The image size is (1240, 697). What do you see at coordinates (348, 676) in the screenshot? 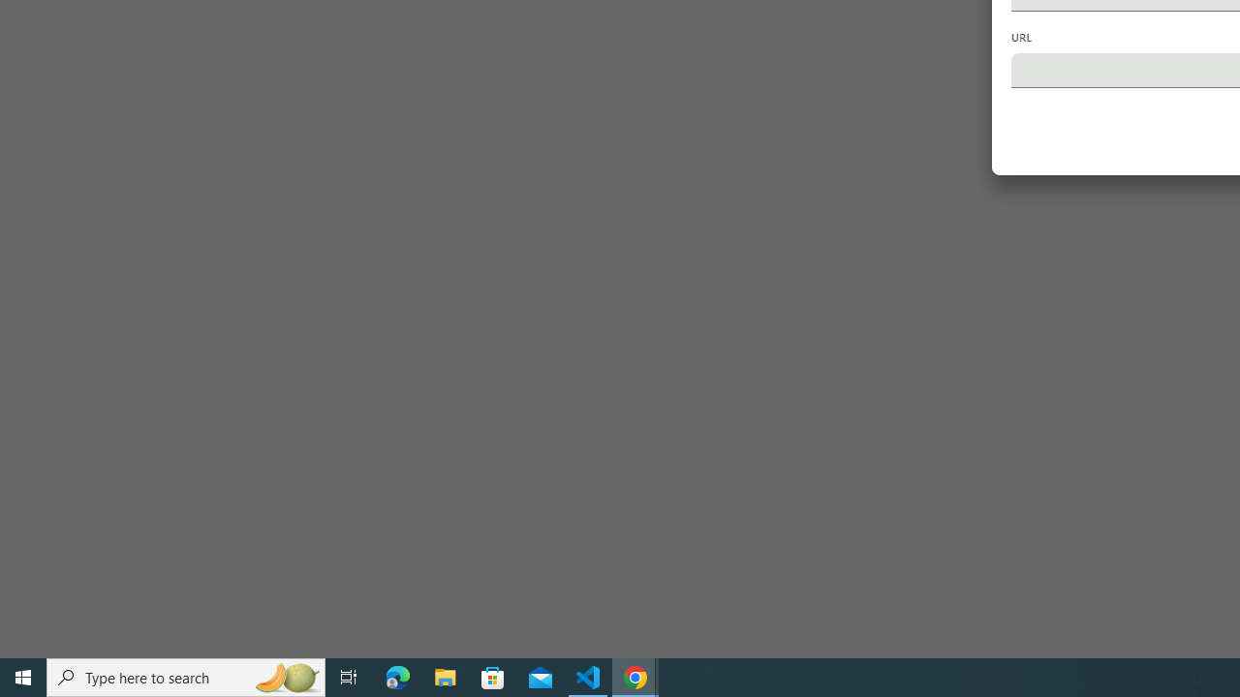
I see `'Task View'` at bounding box center [348, 676].